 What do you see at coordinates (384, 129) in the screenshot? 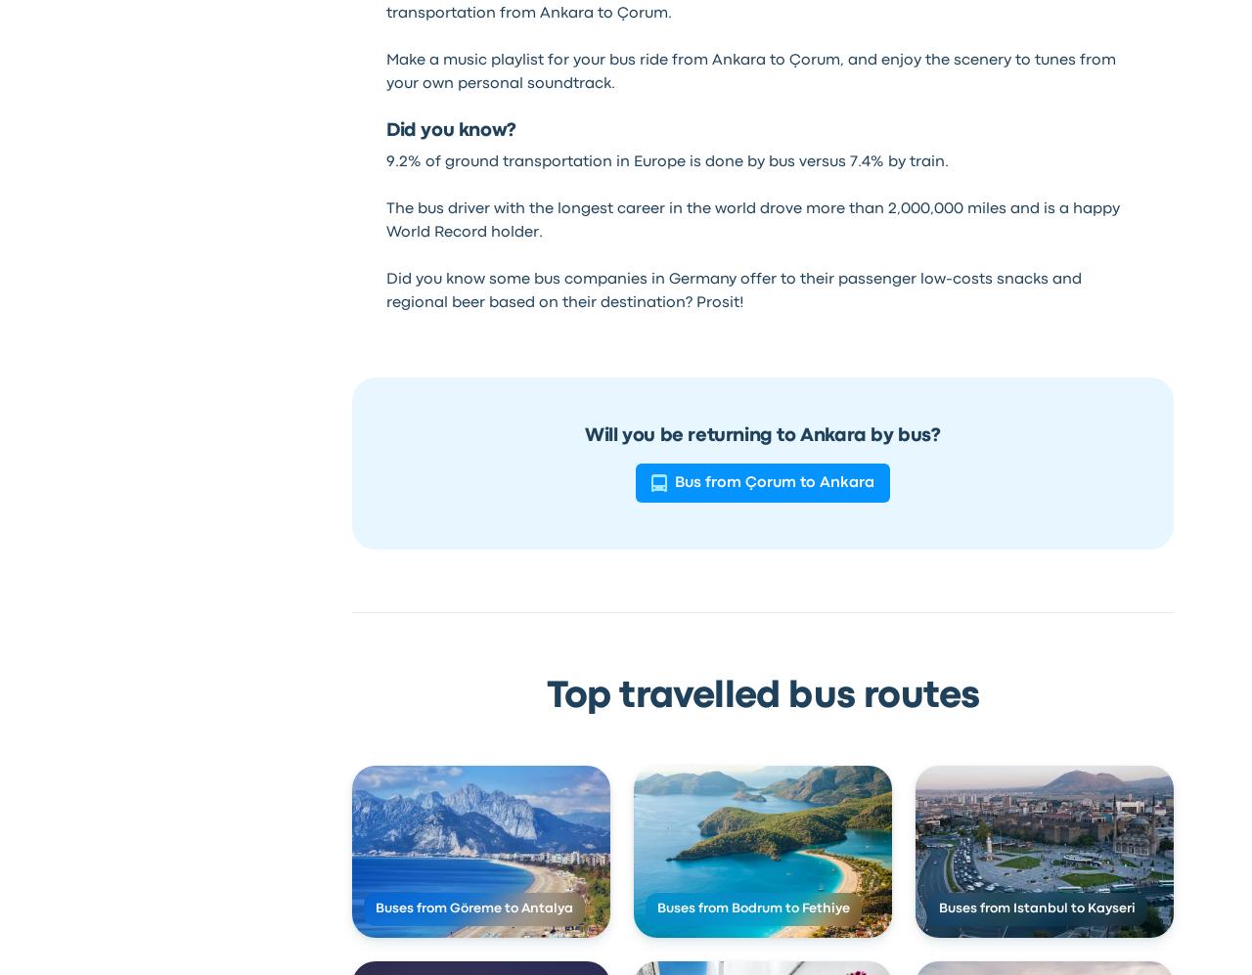
I see `'Did you know?'` at bounding box center [384, 129].